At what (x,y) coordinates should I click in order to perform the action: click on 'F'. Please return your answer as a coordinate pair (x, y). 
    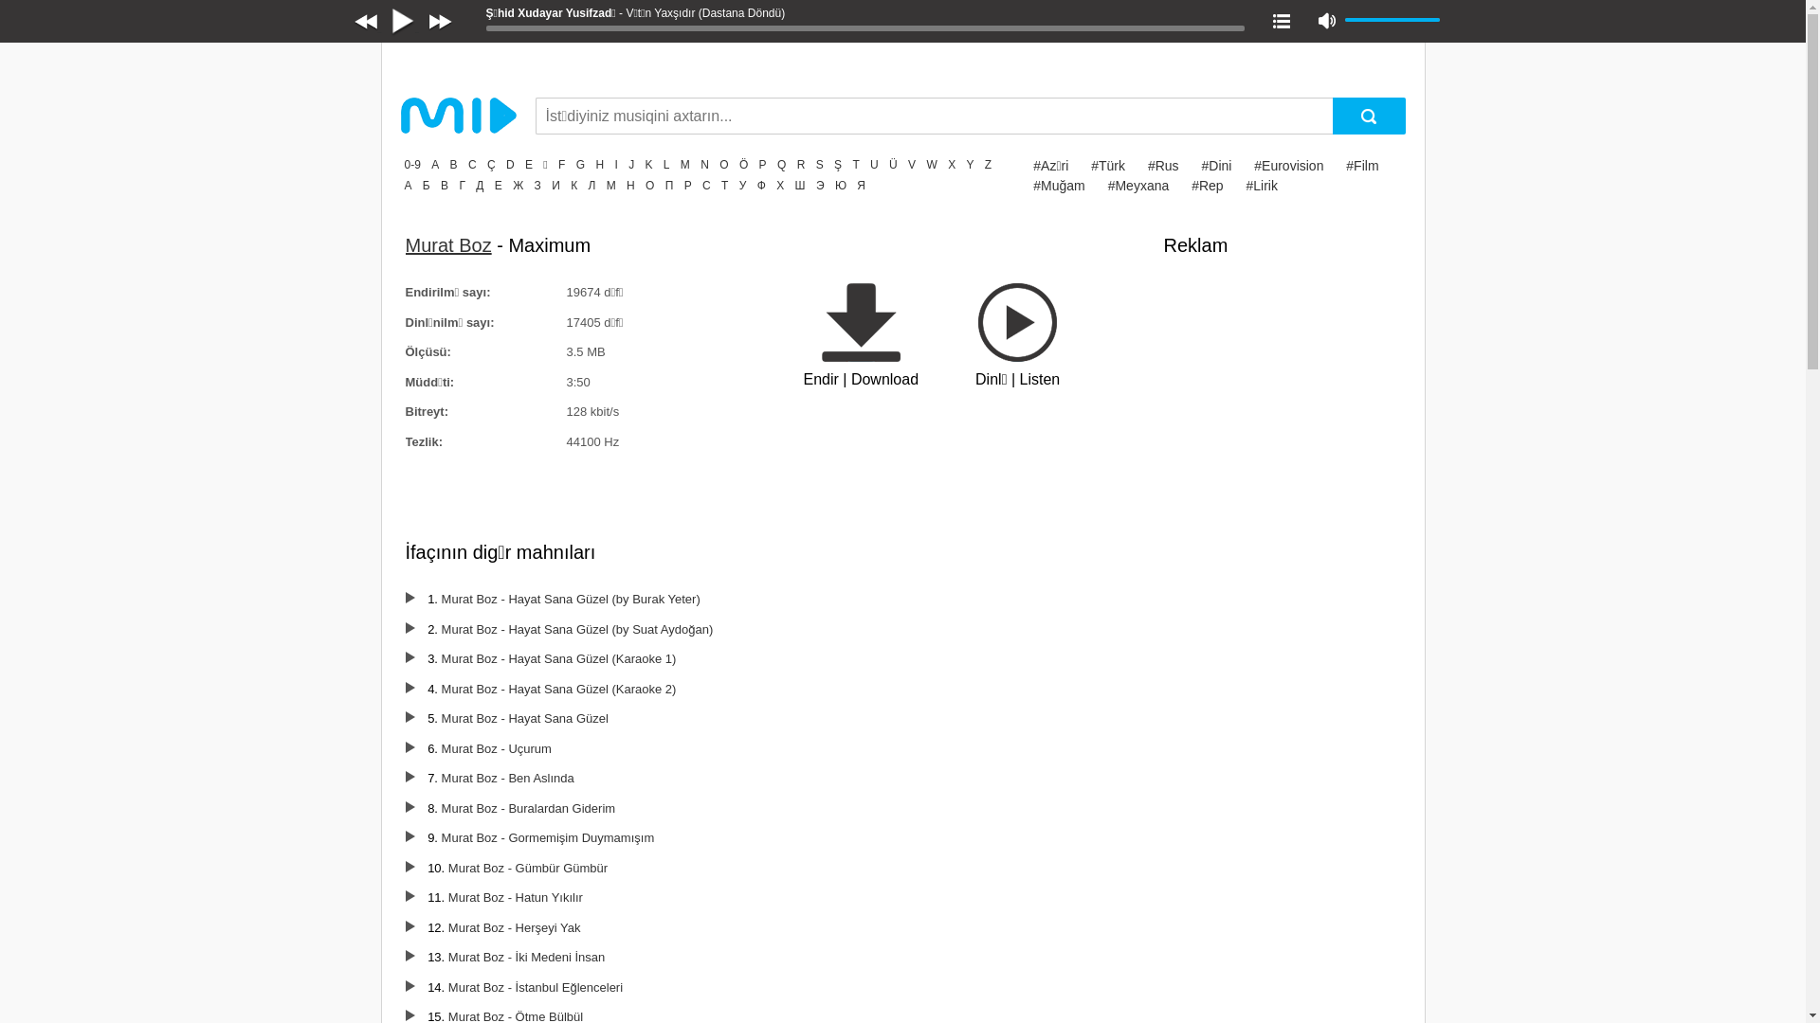
    Looking at the image, I should click on (560, 163).